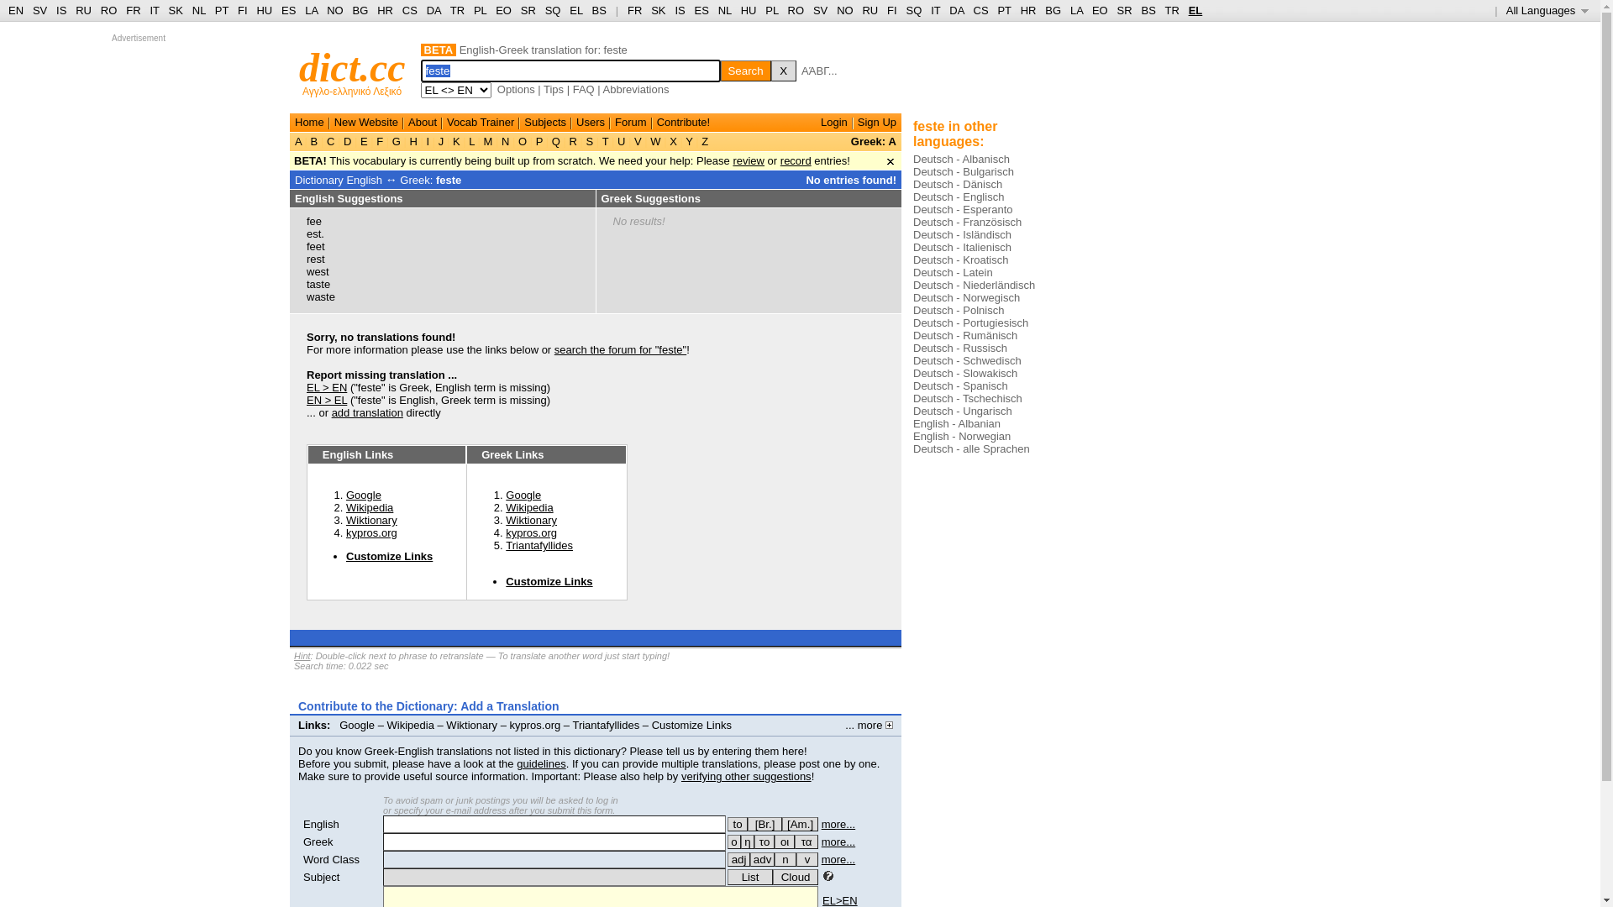 The height and width of the screenshot is (907, 1613). Describe the element at coordinates (306, 259) in the screenshot. I see `'rest'` at that location.